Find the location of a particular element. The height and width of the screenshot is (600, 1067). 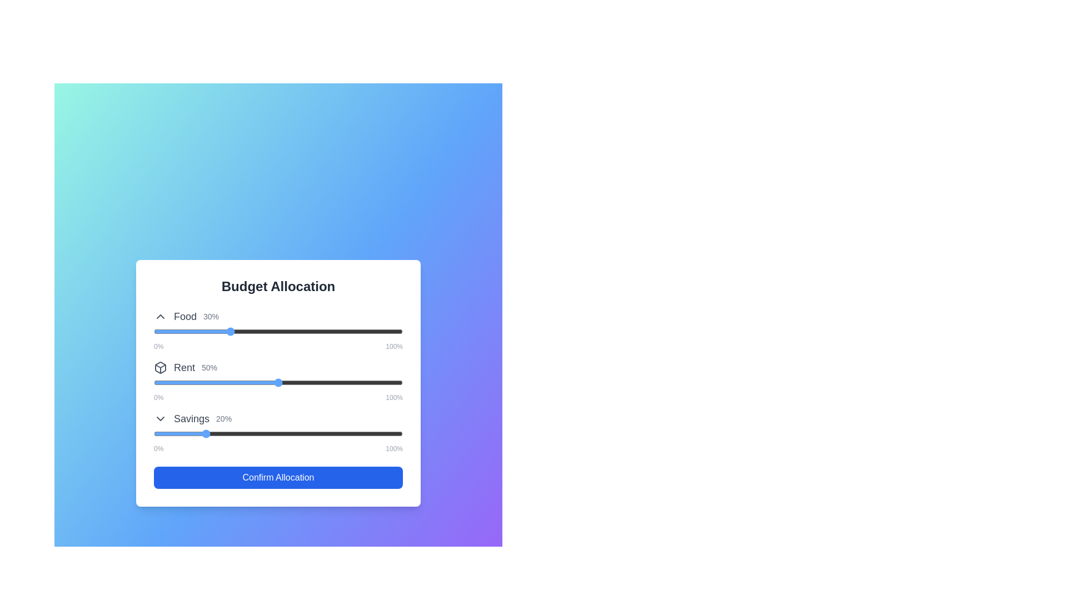

the 'Confirm Allocation' button to finalize the budget is located at coordinates (278, 477).